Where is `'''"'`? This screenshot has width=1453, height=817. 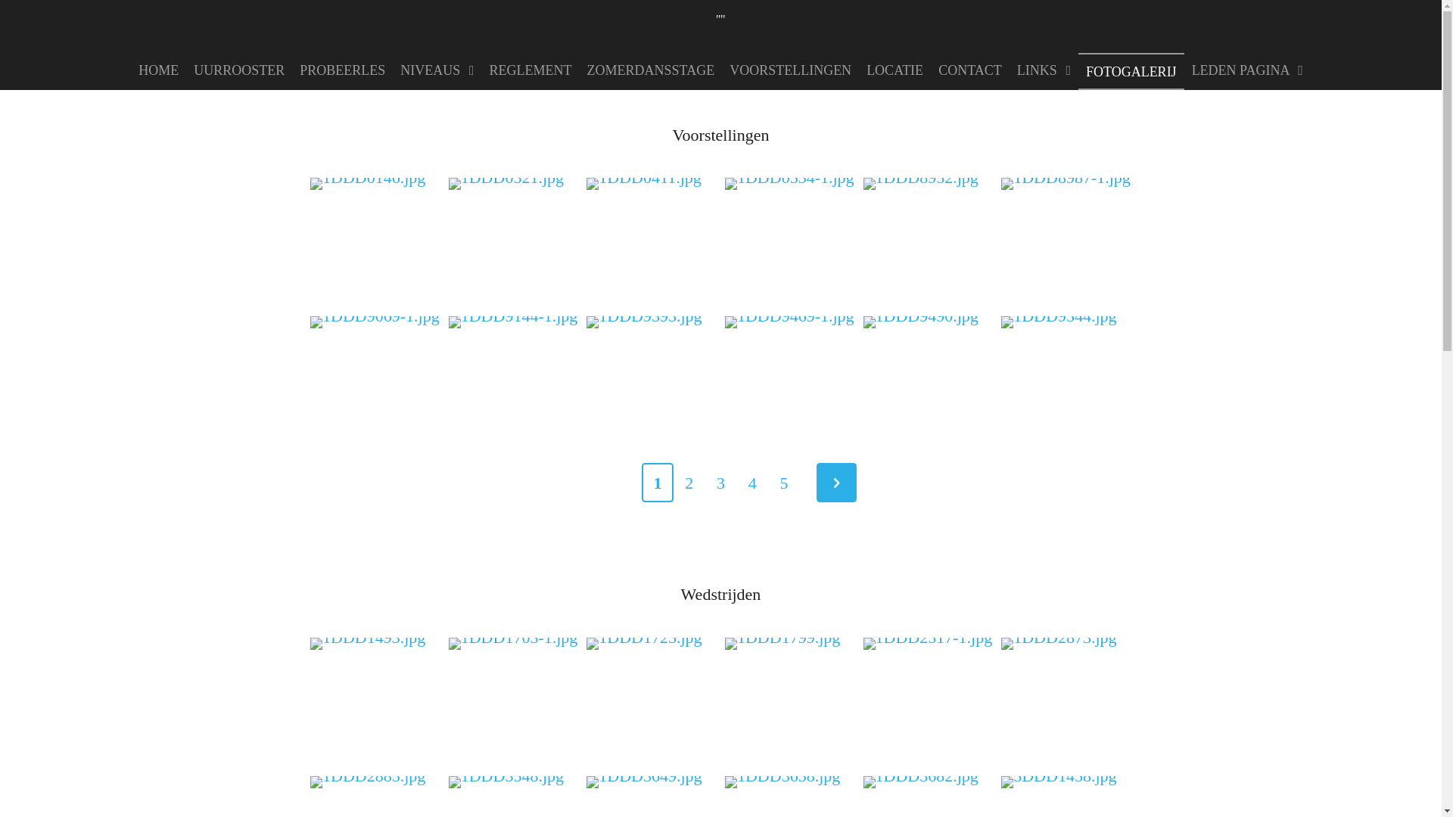
'''"' is located at coordinates (719, 14).